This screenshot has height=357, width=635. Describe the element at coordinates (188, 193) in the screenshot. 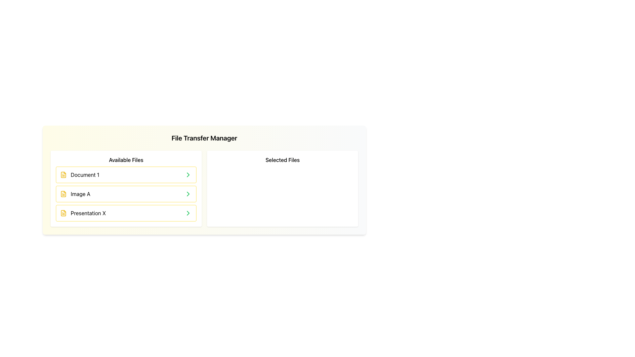

I see `the arrow icon located next to 'Image A' in the 'Available Files' list, indicating a navigational or confirming action can proceed` at that location.